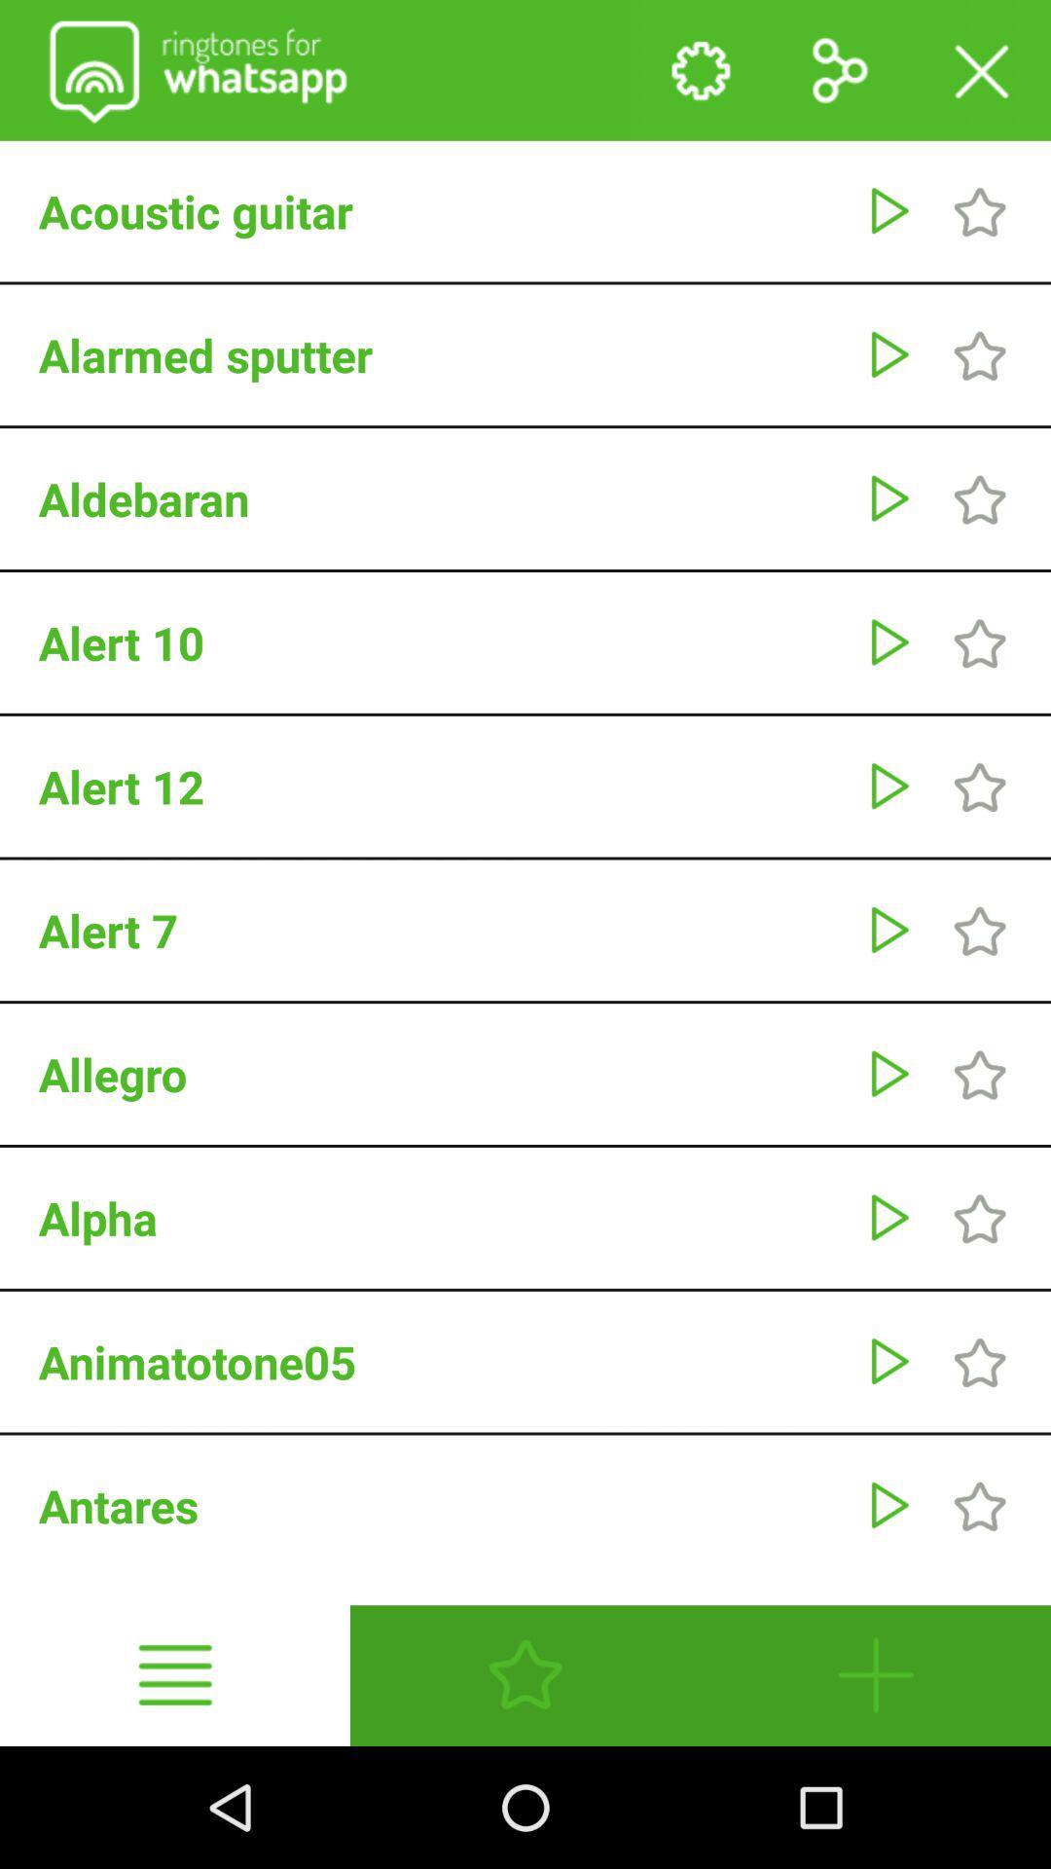  Describe the element at coordinates (442, 1504) in the screenshot. I see `antares icon` at that location.